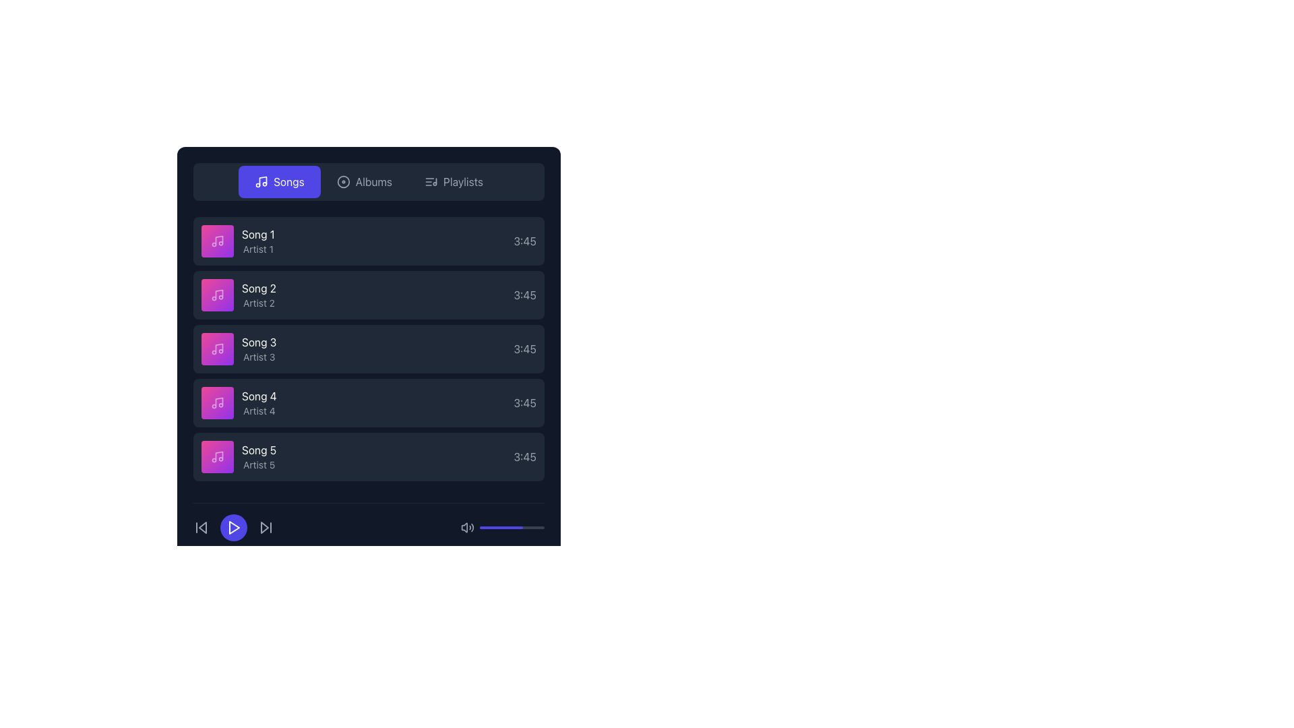  What do you see at coordinates (217, 456) in the screenshot?
I see `the graphic icon representing 'Song 5' in the song list, located in the left section of the fifth list item` at bounding box center [217, 456].